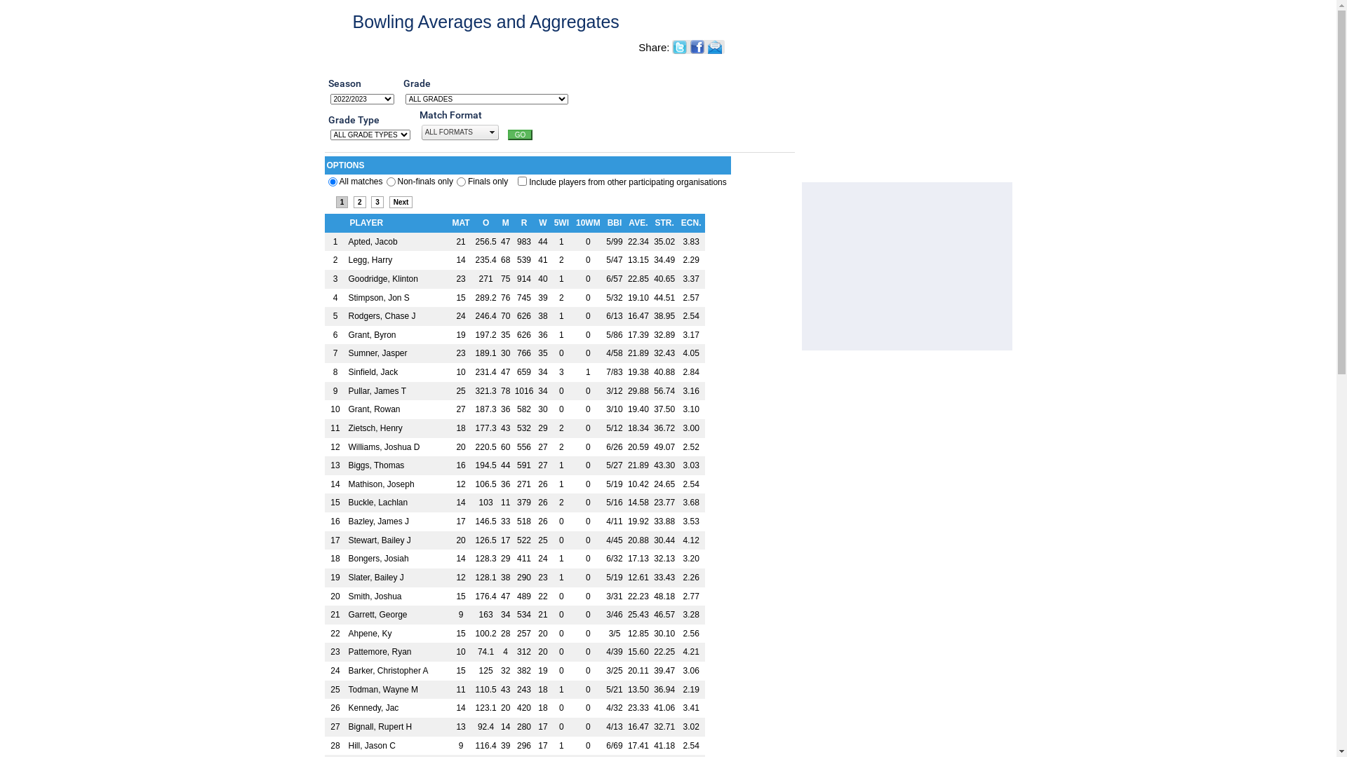 This screenshot has height=757, width=1347. What do you see at coordinates (492, 132) in the screenshot?
I see `'select'` at bounding box center [492, 132].